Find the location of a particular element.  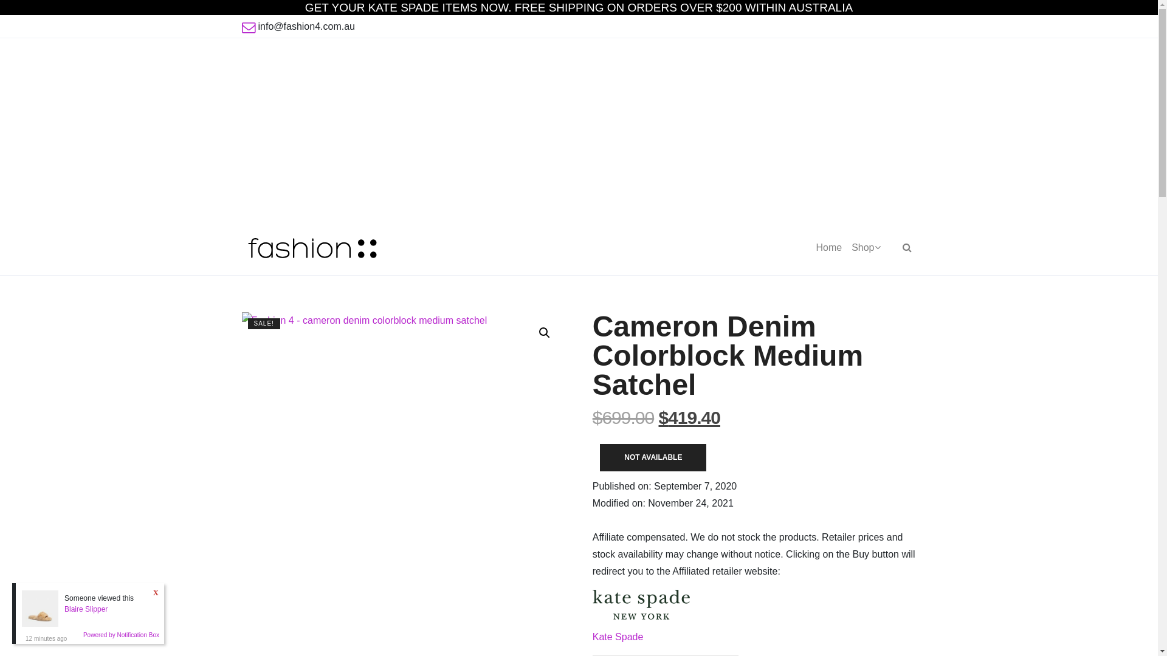

'Home' is located at coordinates (811, 247).